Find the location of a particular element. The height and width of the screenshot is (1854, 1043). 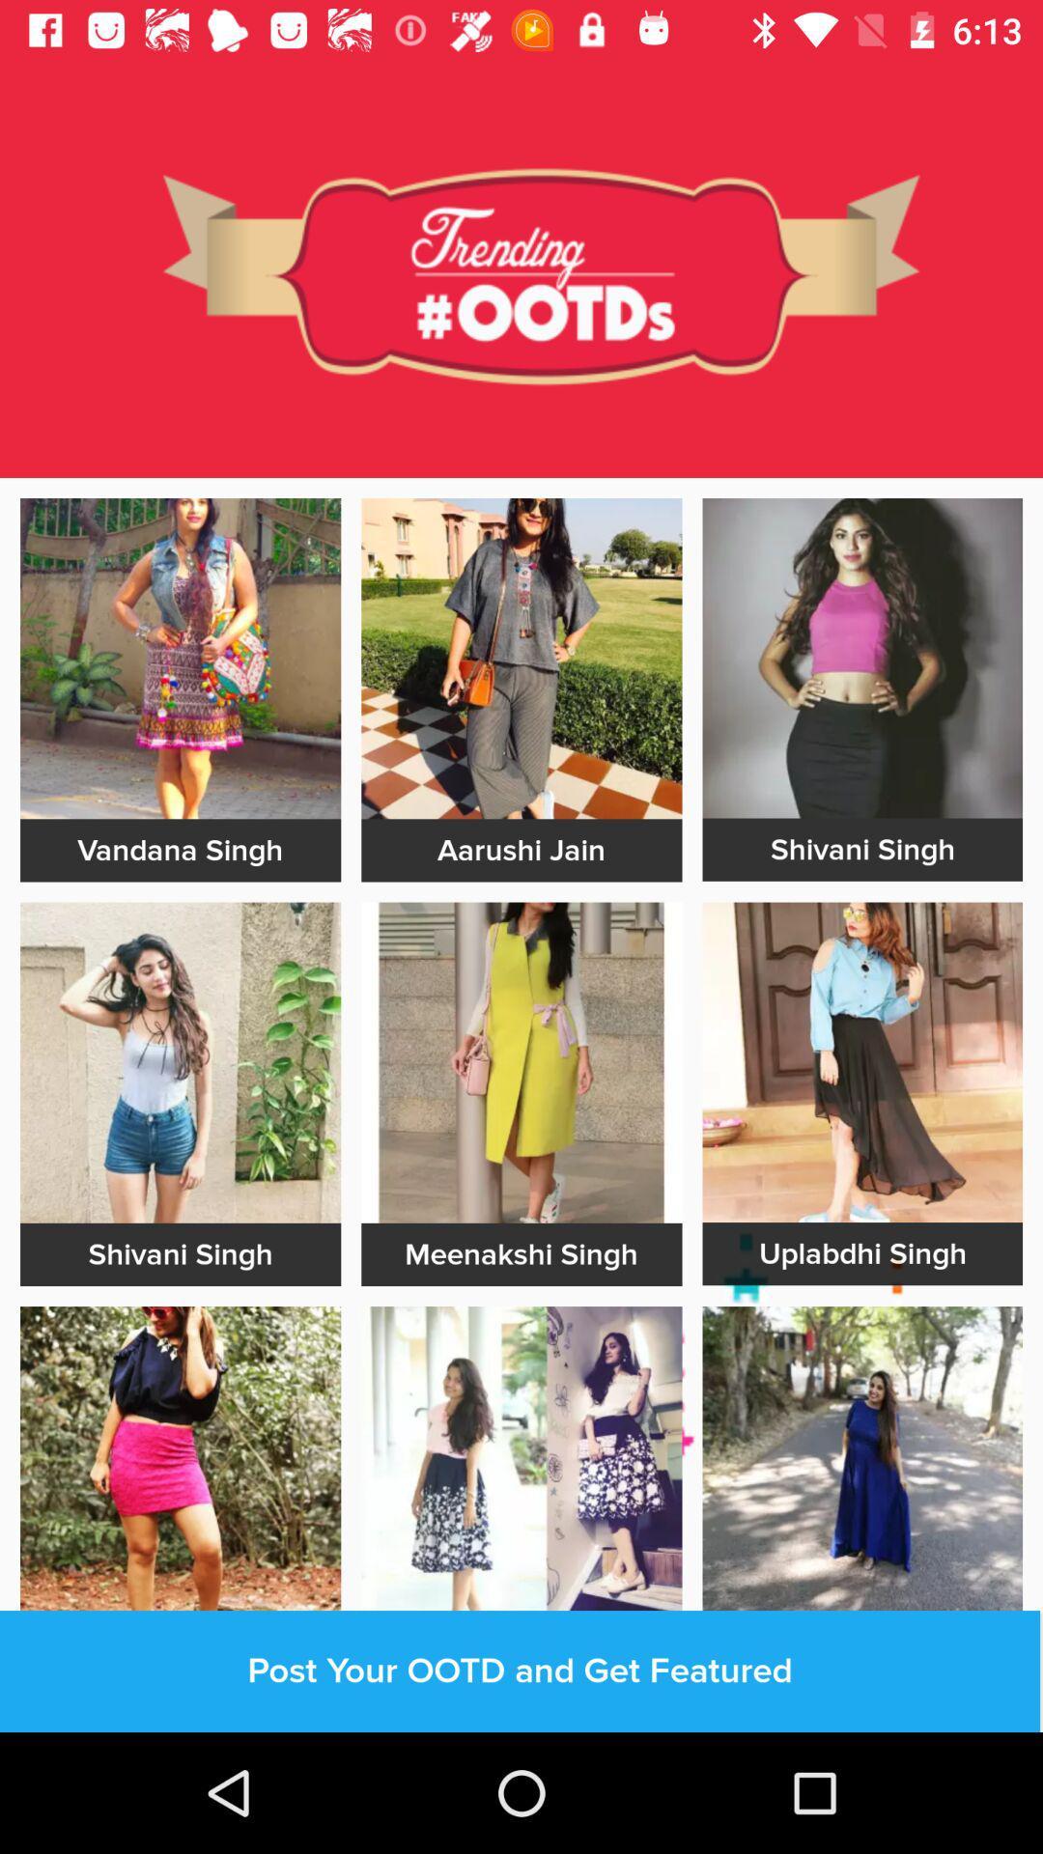

advertisement page is located at coordinates (861, 658).